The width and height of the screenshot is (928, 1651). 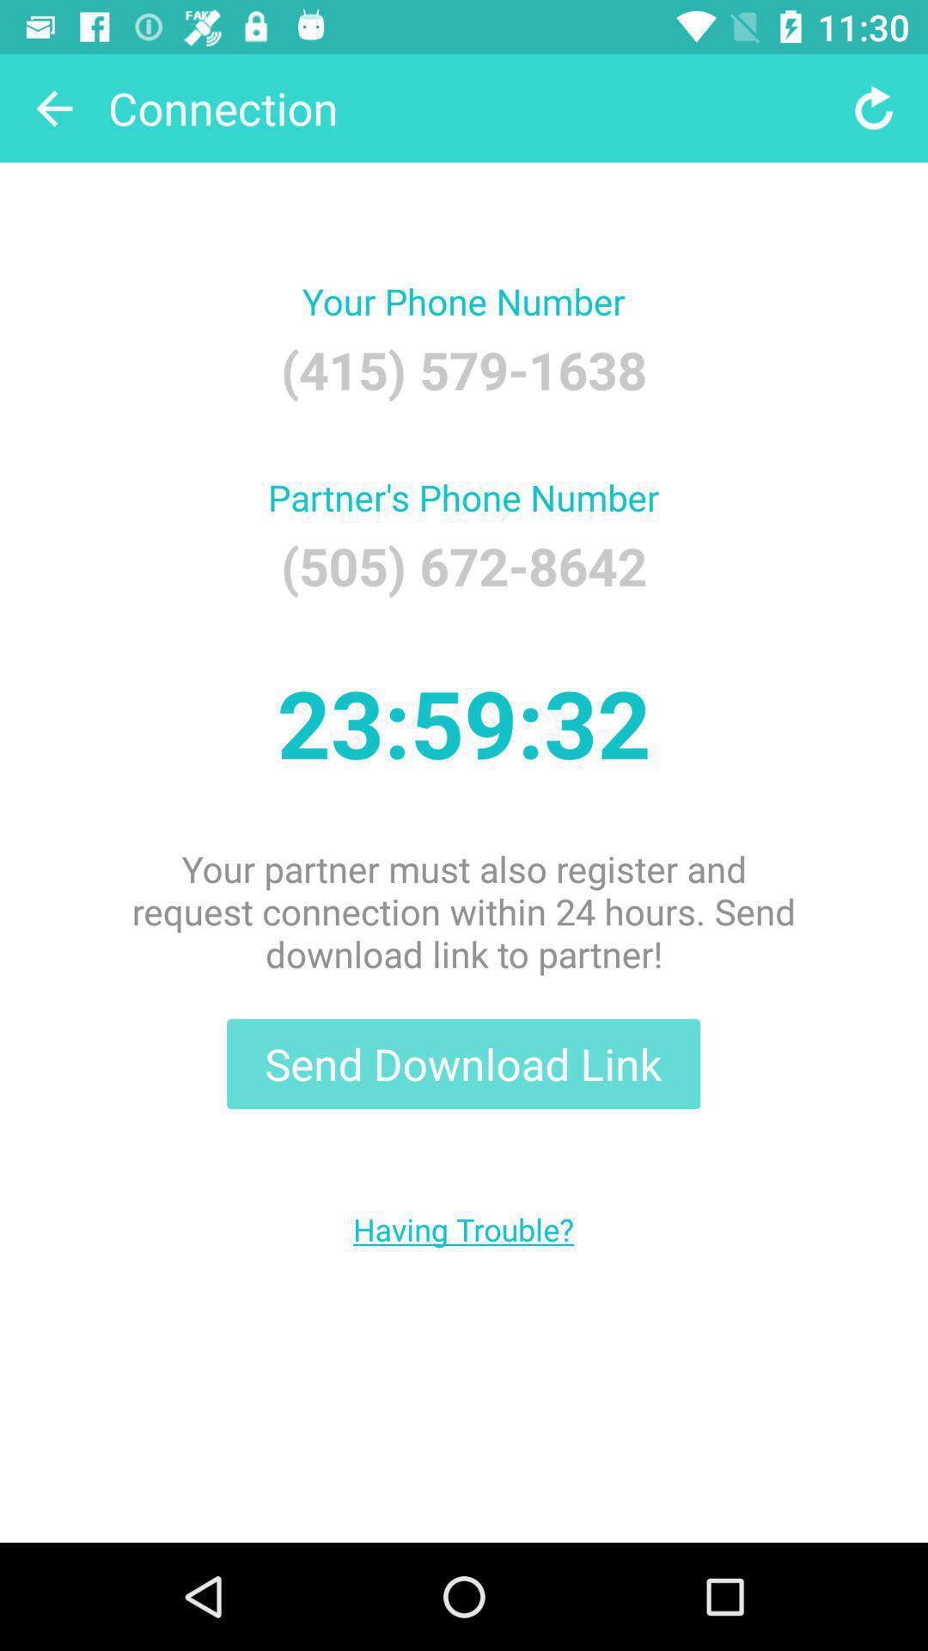 What do you see at coordinates (52, 107) in the screenshot?
I see `the item next to connection` at bounding box center [52, 107].